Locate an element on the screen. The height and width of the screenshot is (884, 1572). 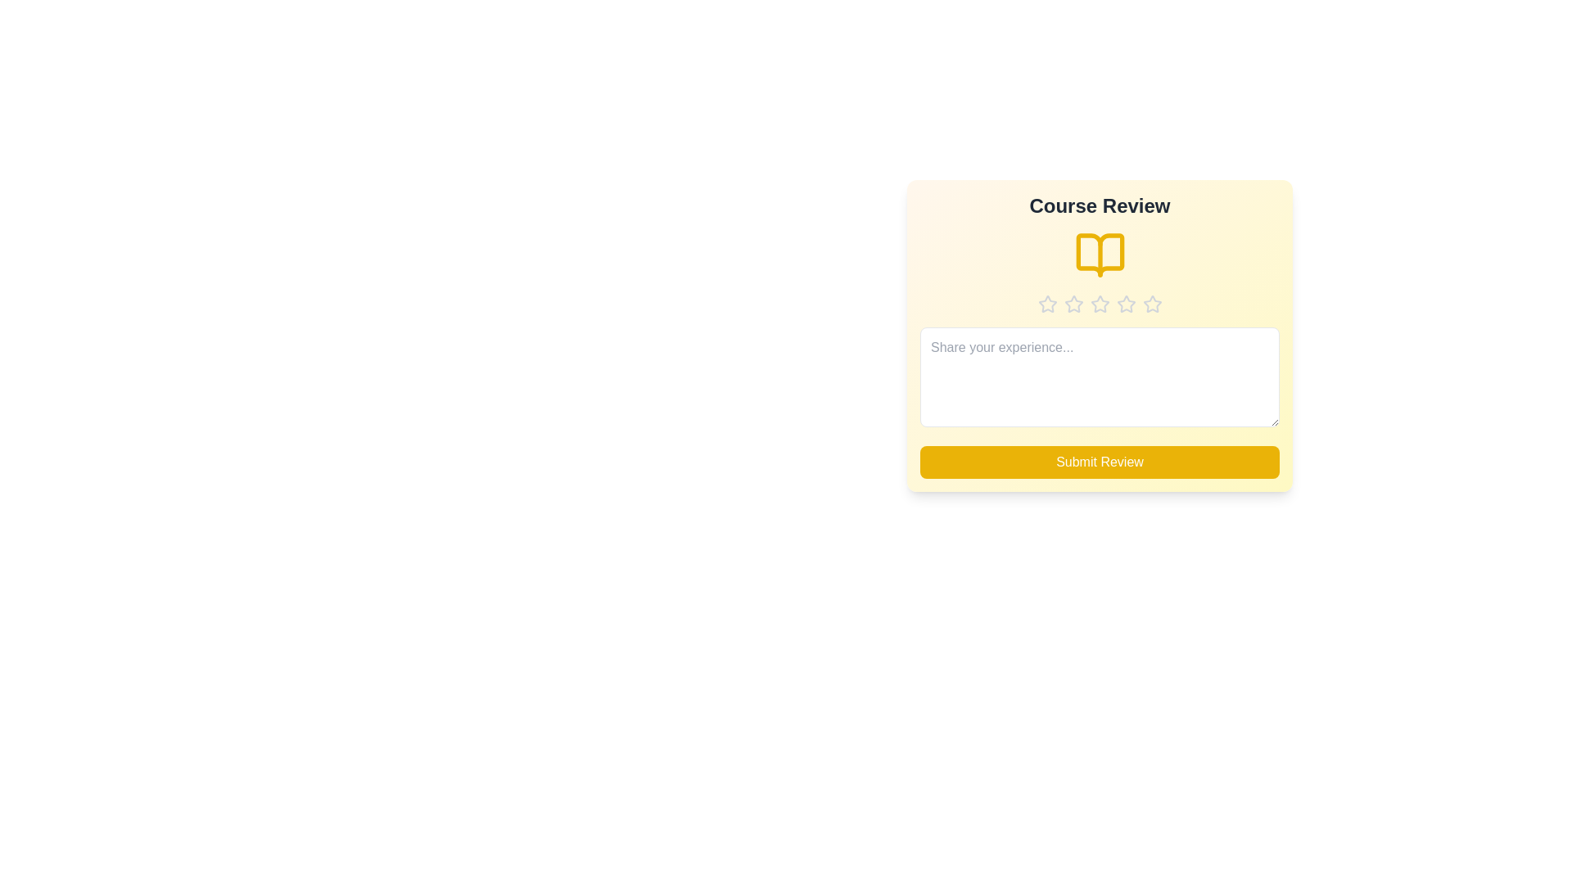
the submit button to observe its hover effect is located at coordinates (1100, 462).